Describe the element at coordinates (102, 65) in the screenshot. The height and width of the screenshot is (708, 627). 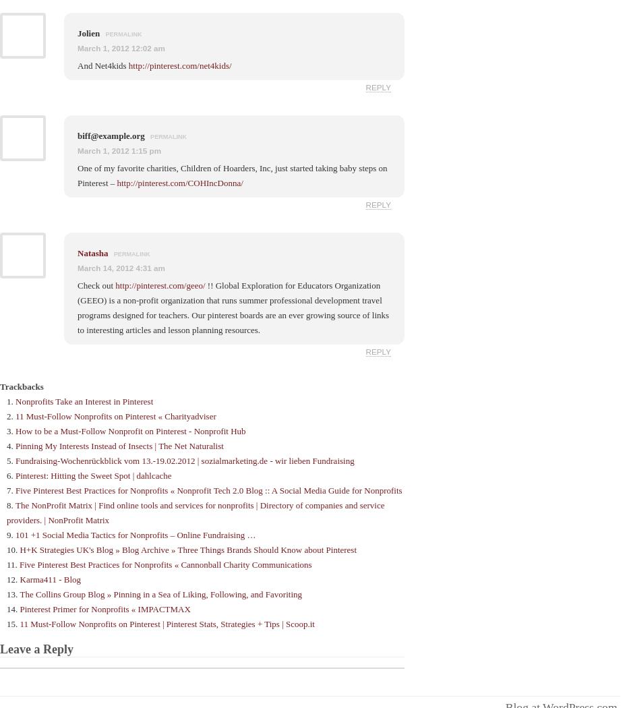
I see `'And Net4kids'` at that location.